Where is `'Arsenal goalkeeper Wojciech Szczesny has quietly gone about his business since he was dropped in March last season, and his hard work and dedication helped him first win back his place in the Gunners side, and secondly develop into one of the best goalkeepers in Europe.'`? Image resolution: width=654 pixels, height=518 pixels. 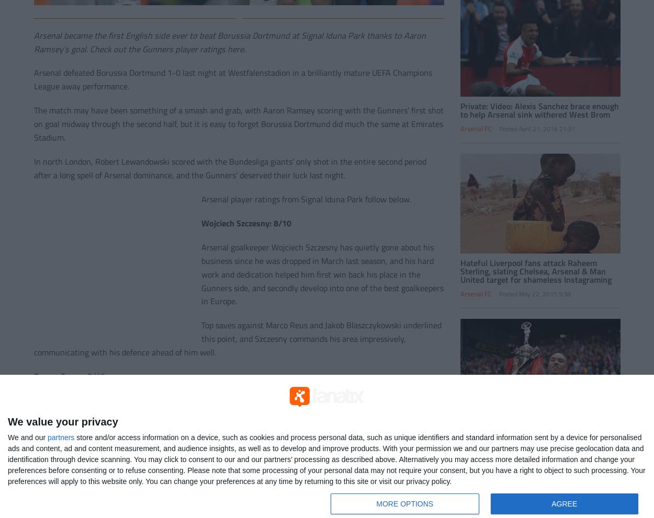
'Arsenal goalkeeper Wojciech Szczesny has quietly gone about his business since he was dropped in March last season, and his hard work and dedication helped him first win back his place in the Gunners side, and secondly develop into one of the best goalkeepers in Europe.' is located at coordinates (321, 274).